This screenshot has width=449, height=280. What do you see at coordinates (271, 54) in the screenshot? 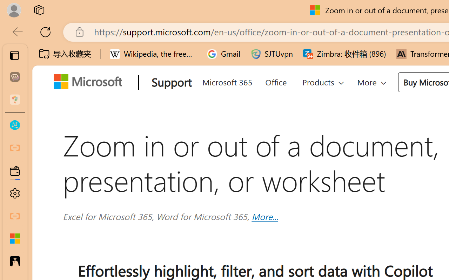
I see `'SJTUvpn'` at bounding box center [271, 54].